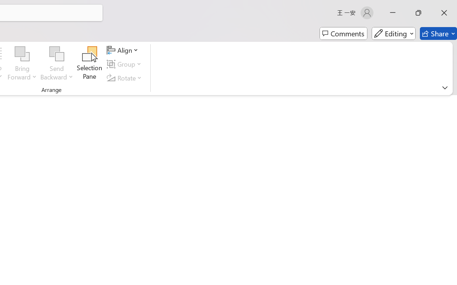 This screenshot has height=285, width=457. Describe the element at coordinates (22, 64) in the screenshot. I see `'Bring Forward'` at that location.